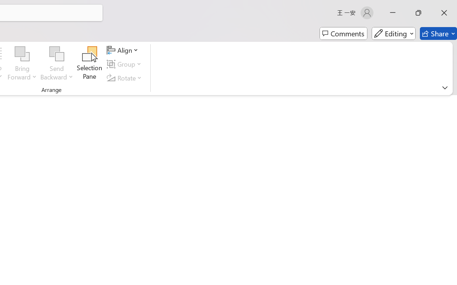 This screenshot has height=285, width=457. Describe the element at coordinates (22, 64) in the screenshot. I see `'Bring Forward'` at that location.